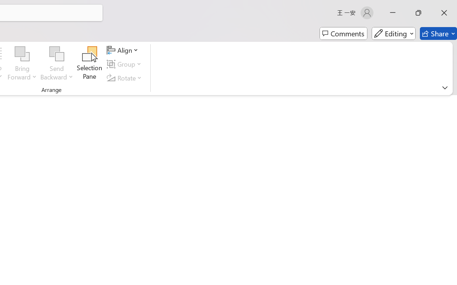 This screenshot has height=285, width=457. Describe the element at coordinates (22, 64) in the screenshot. I see `'Bring Forward'` at that location.